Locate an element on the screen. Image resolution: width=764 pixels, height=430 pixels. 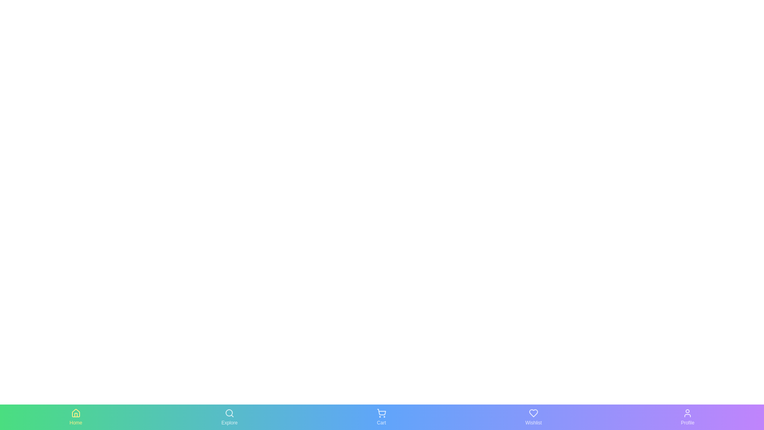
the icon labeled Explore is located at coordinates (229, 417).